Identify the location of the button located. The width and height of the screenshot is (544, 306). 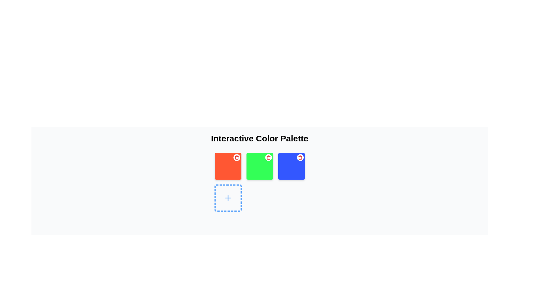
(228, 197).